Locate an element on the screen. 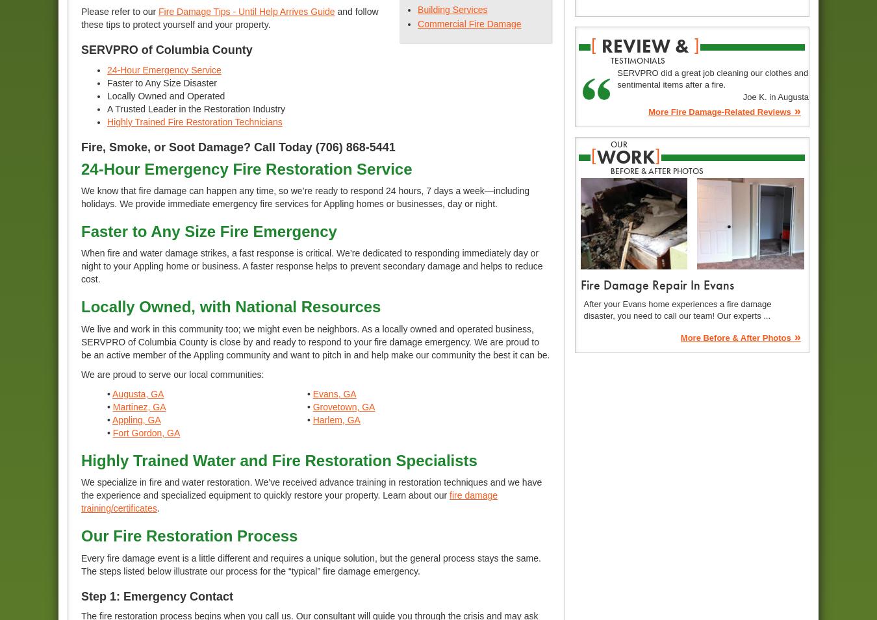 The height and width of the screenshot is (620, 877). 'When fire and water damage strikes, a fast response is critical. We’re dedicated to responding immediately day or night to your Appling home or business. A faster response helps to prevent secondary damage and helps to reduce cost.' is located at coordinates (311, 265).